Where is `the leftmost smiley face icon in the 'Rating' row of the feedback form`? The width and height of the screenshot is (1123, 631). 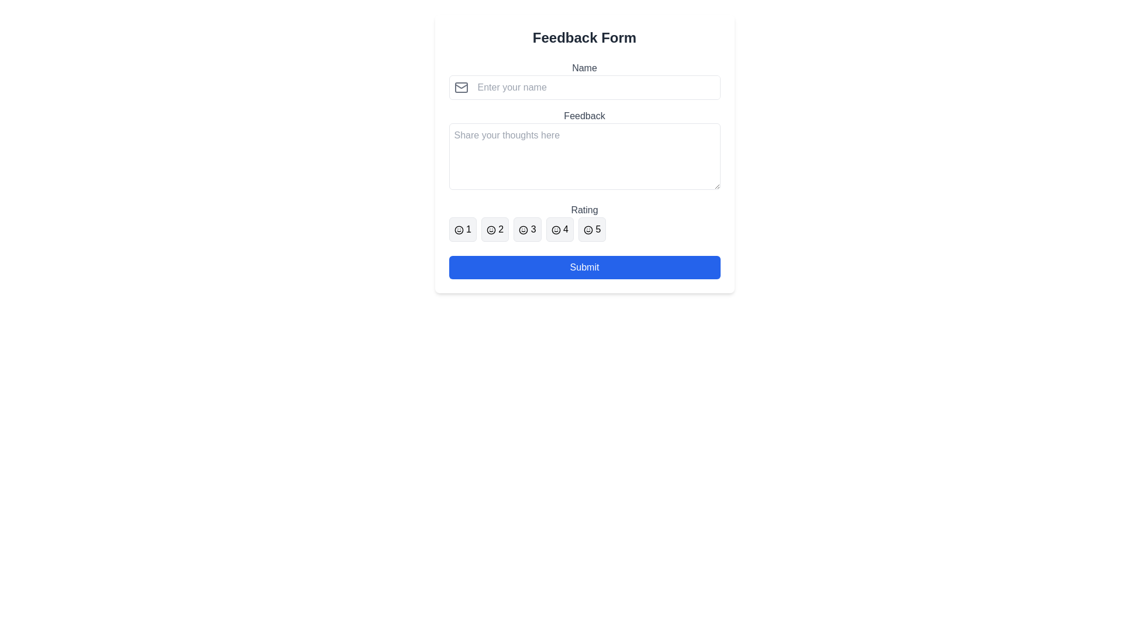 the leftmost smiley face icon in the 'Rating' row of the feedback form is located at coordinates (458, 230).